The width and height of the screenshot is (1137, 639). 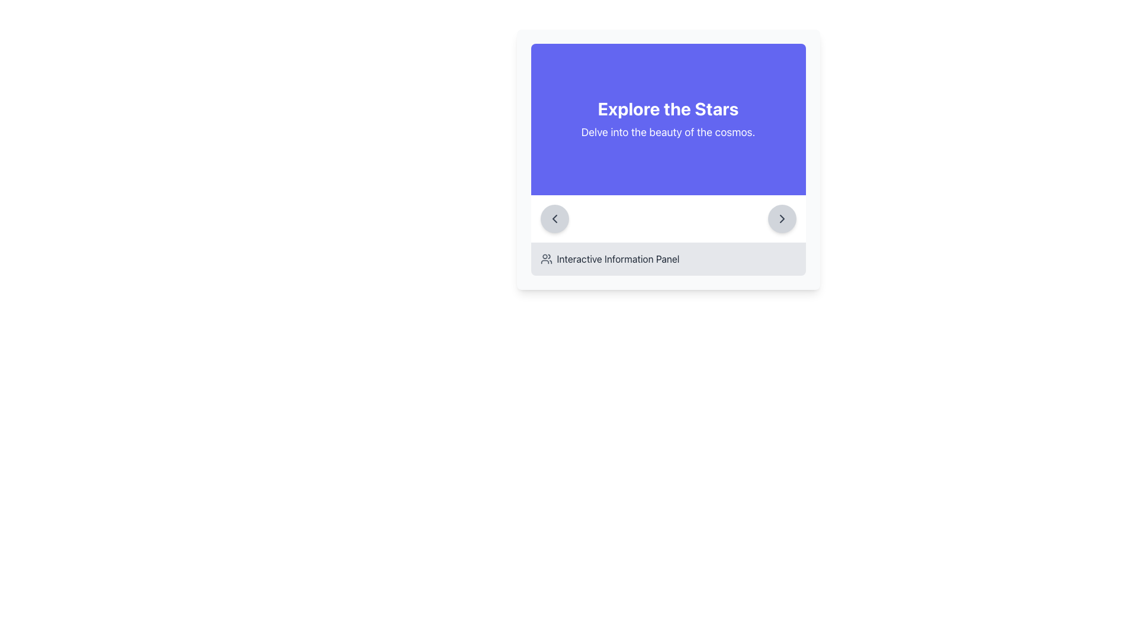 I want to click on the chevron-right SVG icon located in the bottom-right section of the card, so click(x=782, y=219).